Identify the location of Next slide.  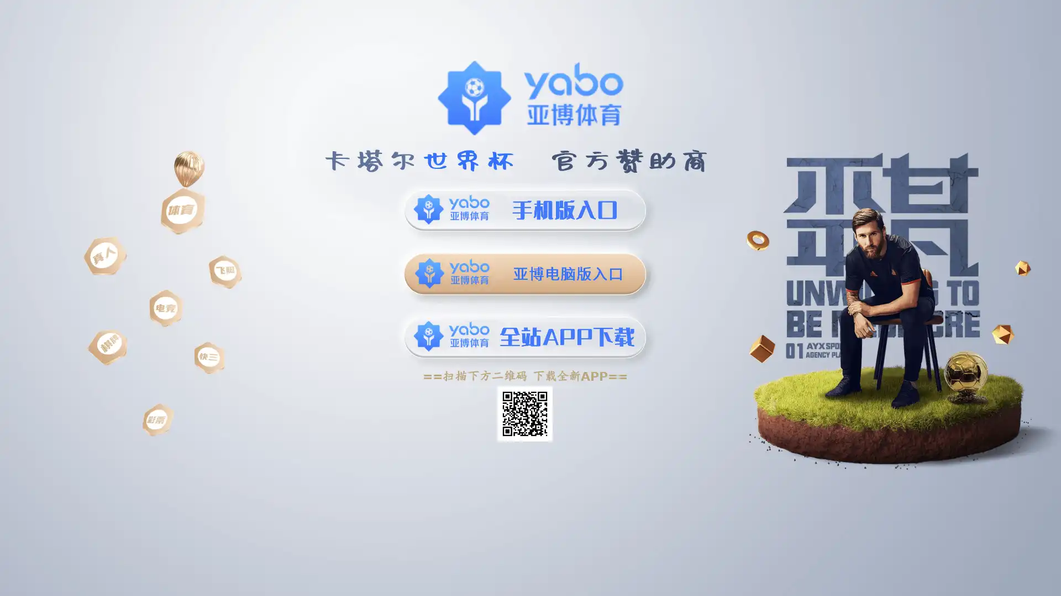
(517, 560).